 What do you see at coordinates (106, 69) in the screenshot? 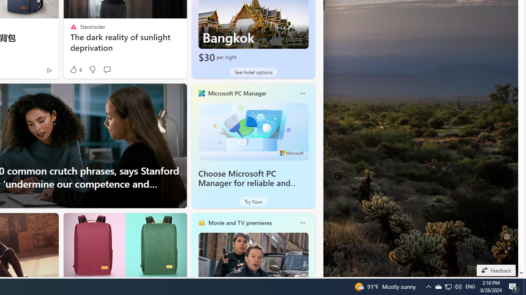
I see `'Start the conversation'` at bounding box center [106, 69].